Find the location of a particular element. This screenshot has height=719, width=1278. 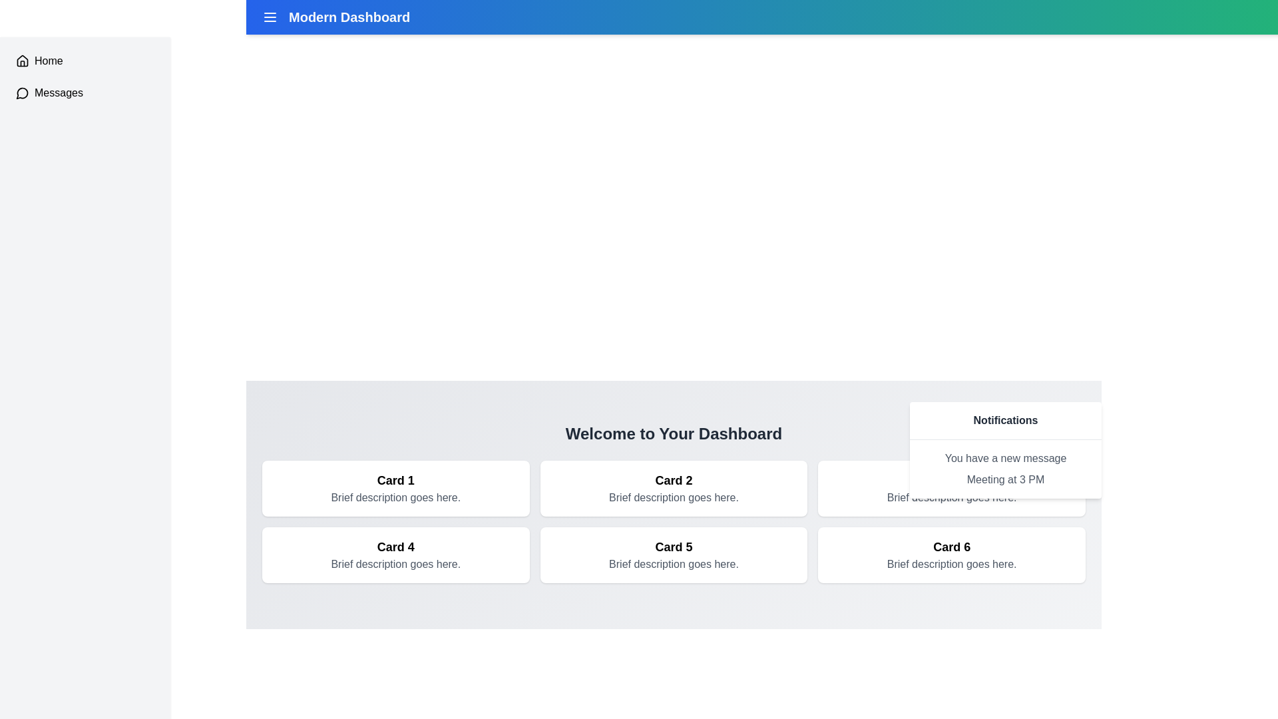

the 'Home' button located at the top of the left sidebar is located at coordinates (85, 61).